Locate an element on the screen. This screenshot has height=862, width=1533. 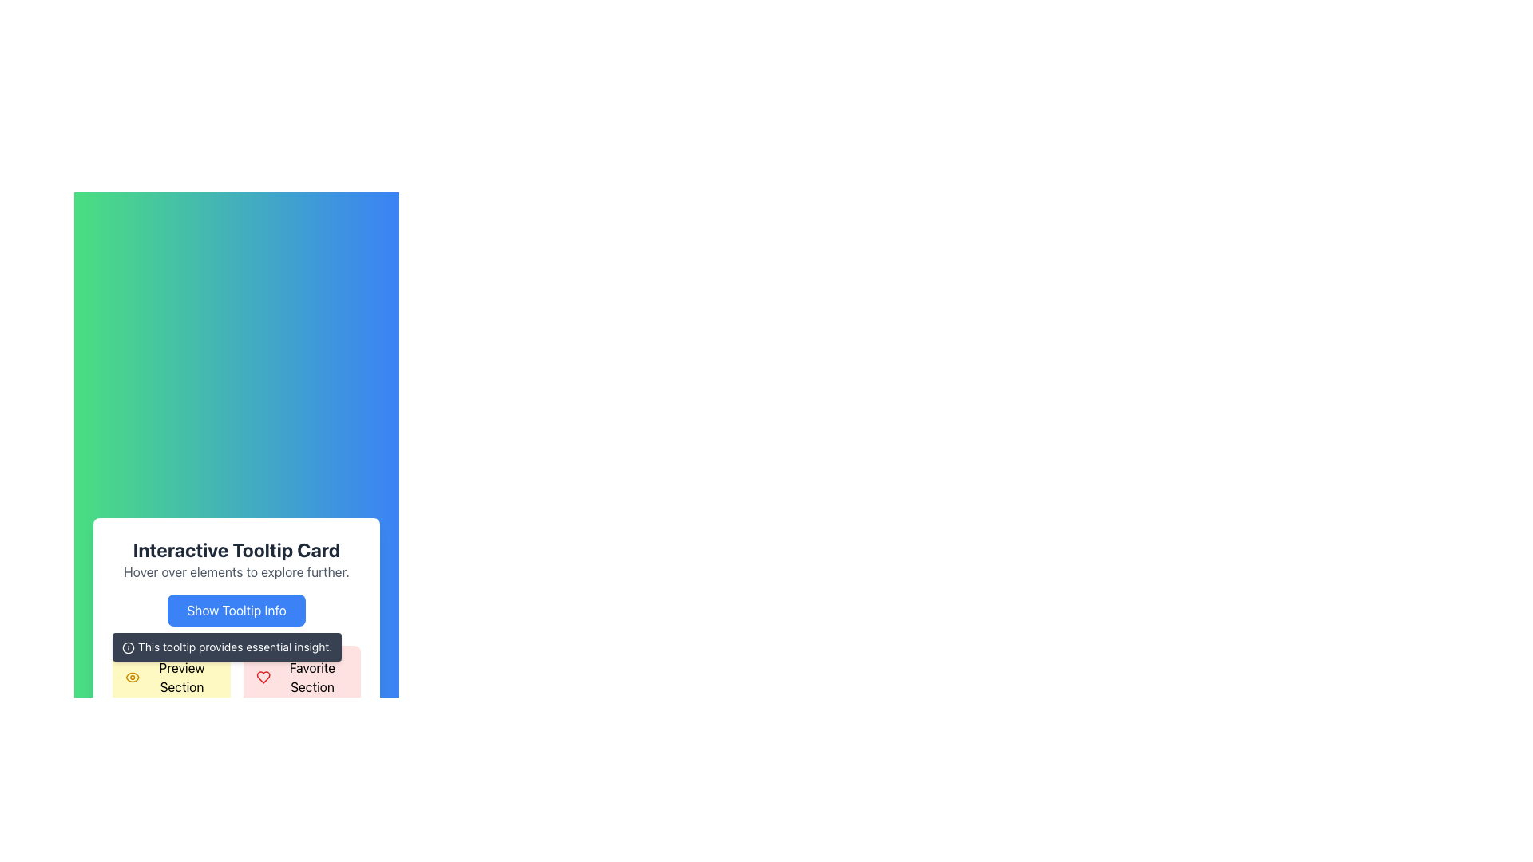
the Text Label that serves as a title or header, positioned above the smaller text 'Hover over elements is located at coordinates (236, 549).